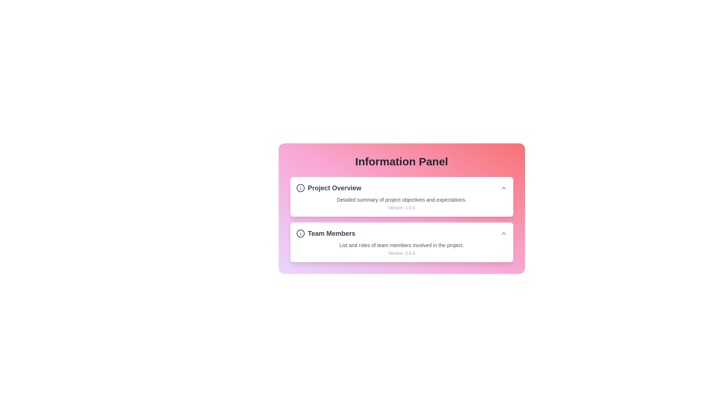 The image size is (704, 396). What do you see at coordinates (401, 208) in the screenshot?
I see `the informational Text label displaying the version number in the 'Project Overview' section of the 'Information Panel'` at bounding box center [401, 208].